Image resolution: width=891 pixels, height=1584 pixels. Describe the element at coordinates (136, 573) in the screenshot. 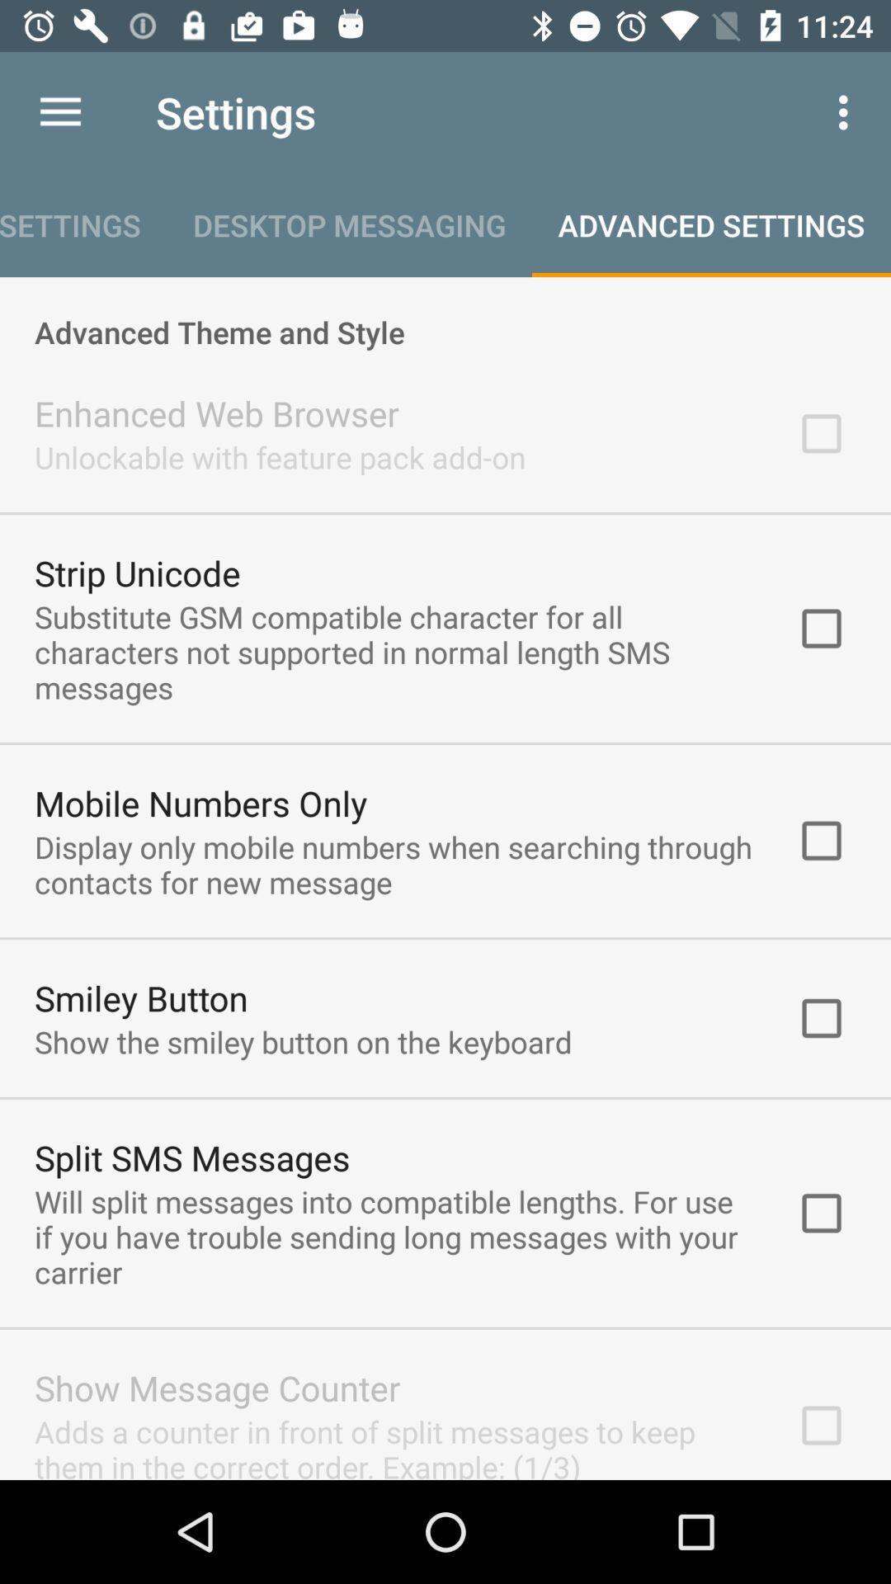

I see `item below unlockable with feature item` at that location.